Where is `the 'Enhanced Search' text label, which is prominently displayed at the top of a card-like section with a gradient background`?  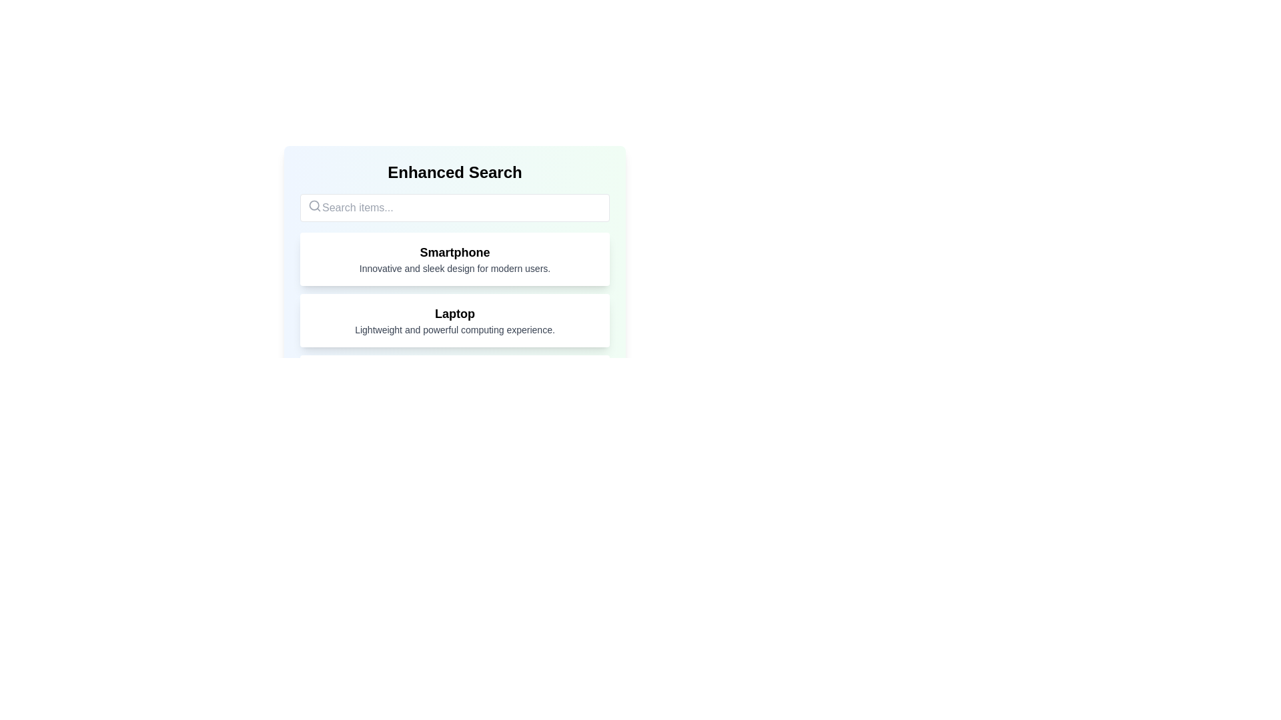 the 'Enhanced Search' text label, which is prominently displayed at the top of a card-like section with a gradient background is located at coordinates (454, 171).